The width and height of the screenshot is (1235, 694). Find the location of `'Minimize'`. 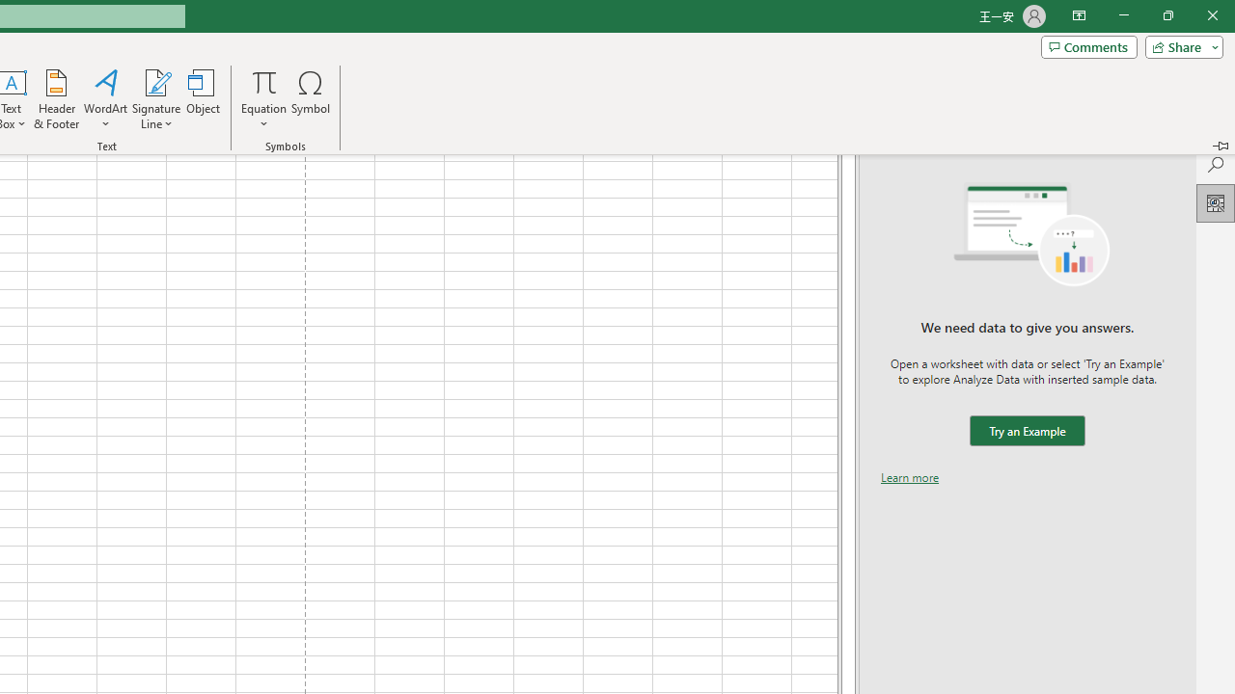

'Minimize' is located at coordinates (1123, 15).